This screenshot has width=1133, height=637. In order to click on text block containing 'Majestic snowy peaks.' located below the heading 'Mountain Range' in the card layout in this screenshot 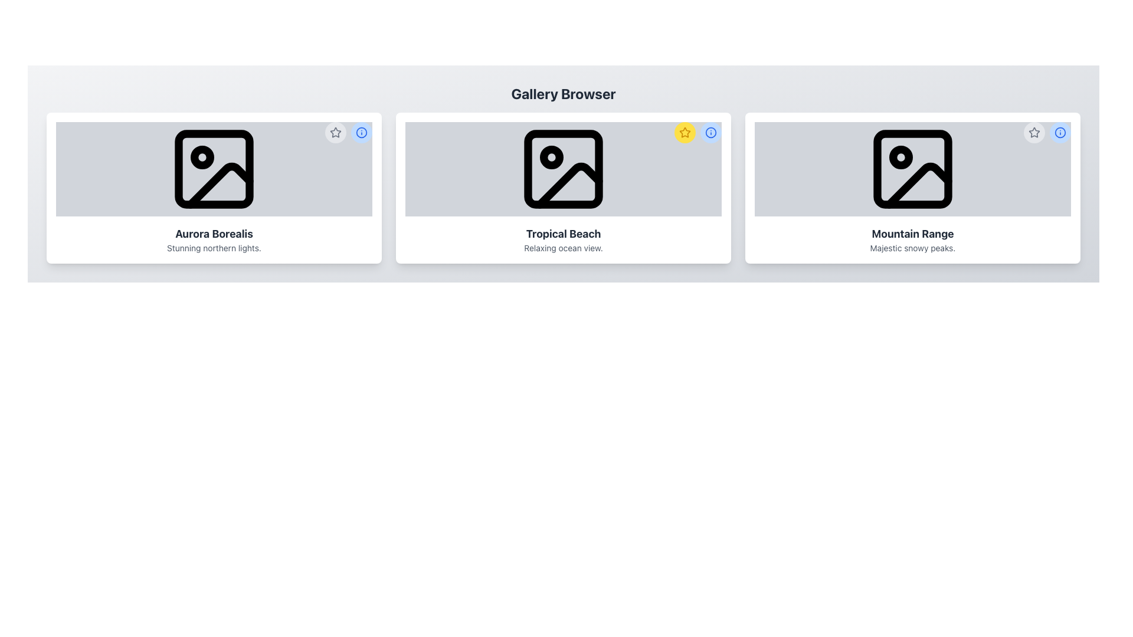, I will do `click(912, 247)`.